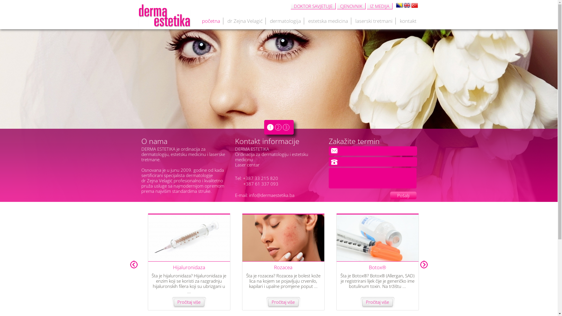 This screenshot has height=316, width=562. I want to click on 'CJENOVNIK', so click(351, 6).